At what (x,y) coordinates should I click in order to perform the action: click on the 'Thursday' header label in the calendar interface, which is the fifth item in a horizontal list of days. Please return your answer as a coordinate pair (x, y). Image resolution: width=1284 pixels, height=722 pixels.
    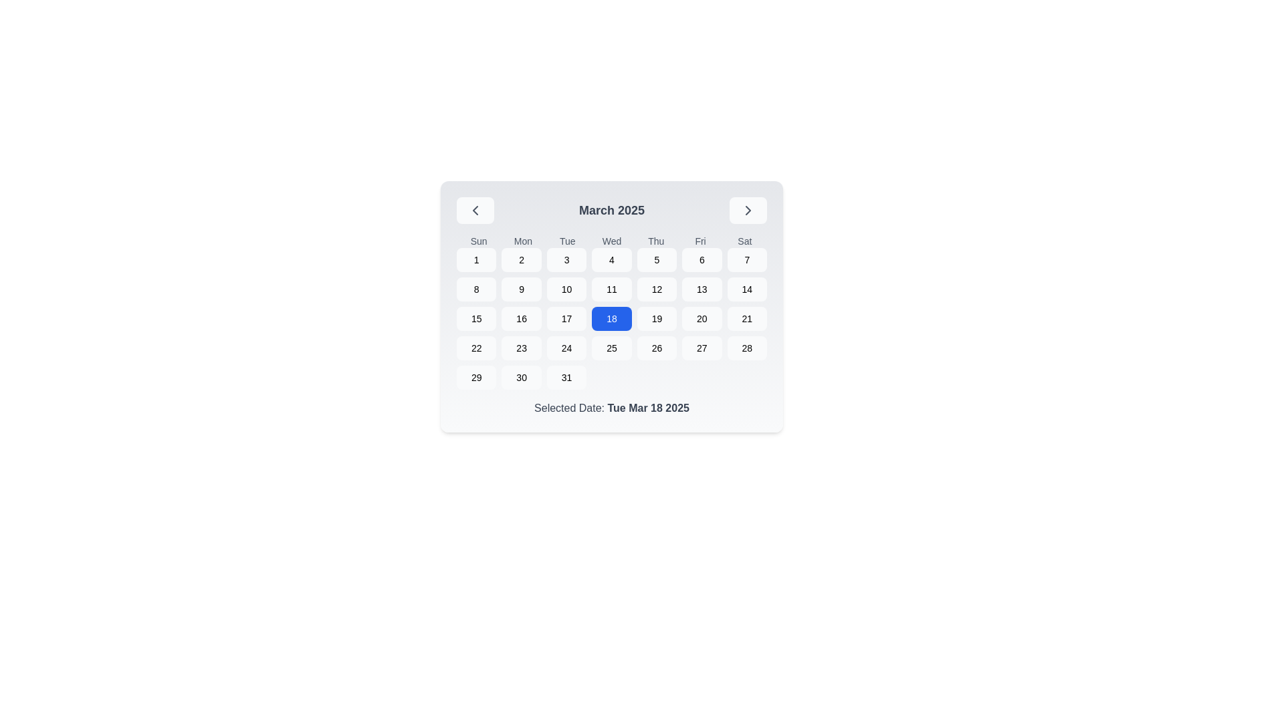
    Looking at the image, I should click on (656, 241).